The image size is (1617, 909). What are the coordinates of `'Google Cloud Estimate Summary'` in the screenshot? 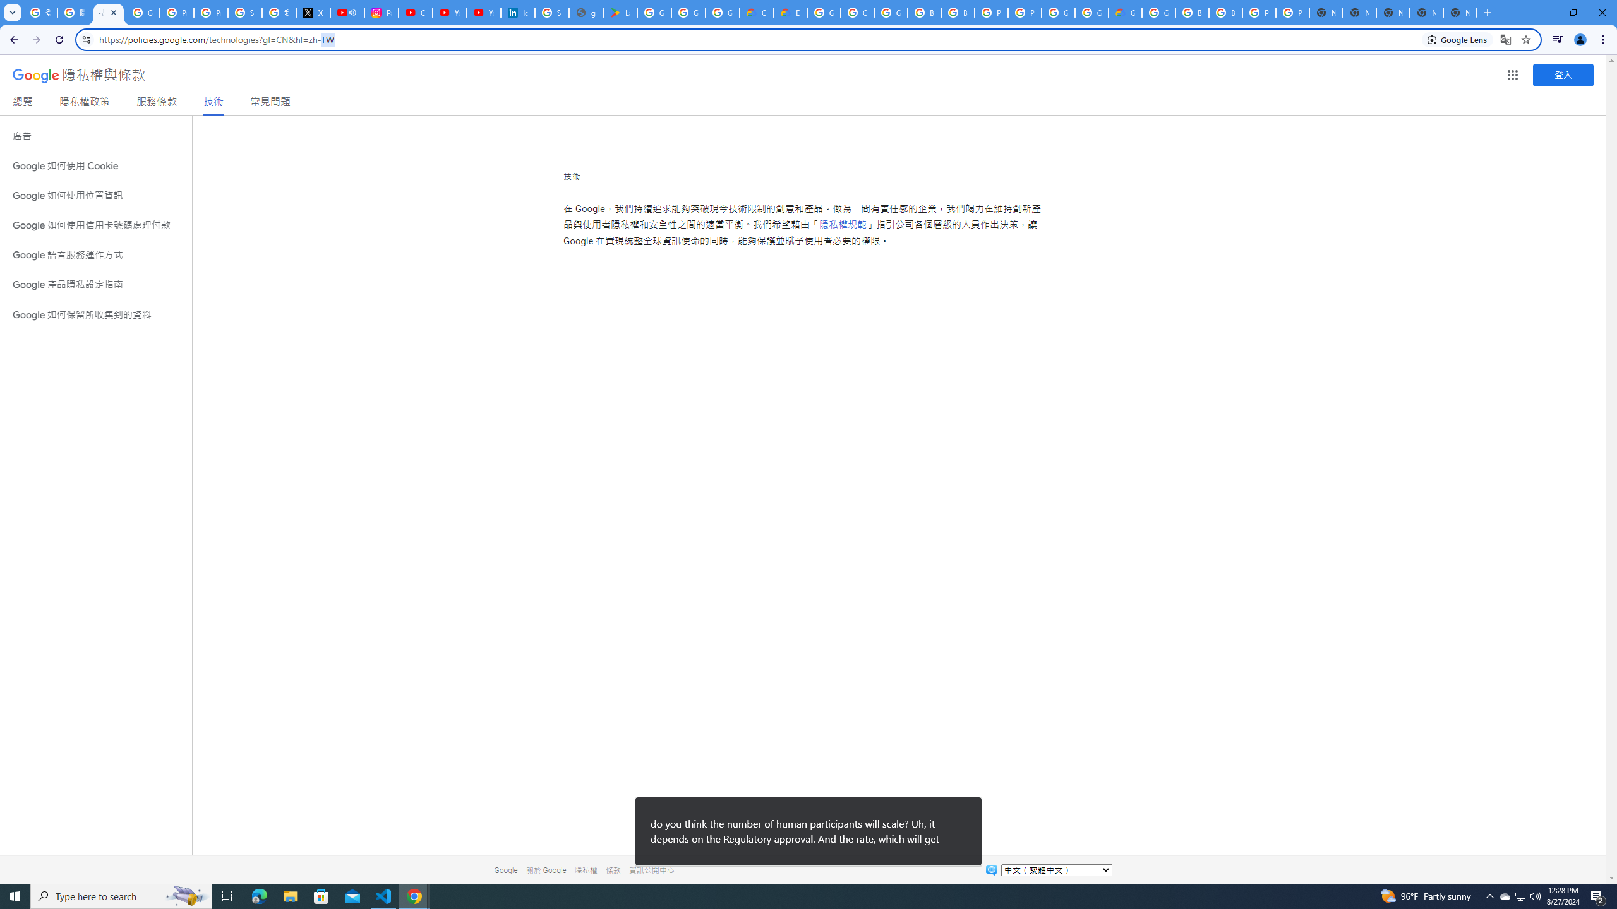 It's located at (1125, 12).